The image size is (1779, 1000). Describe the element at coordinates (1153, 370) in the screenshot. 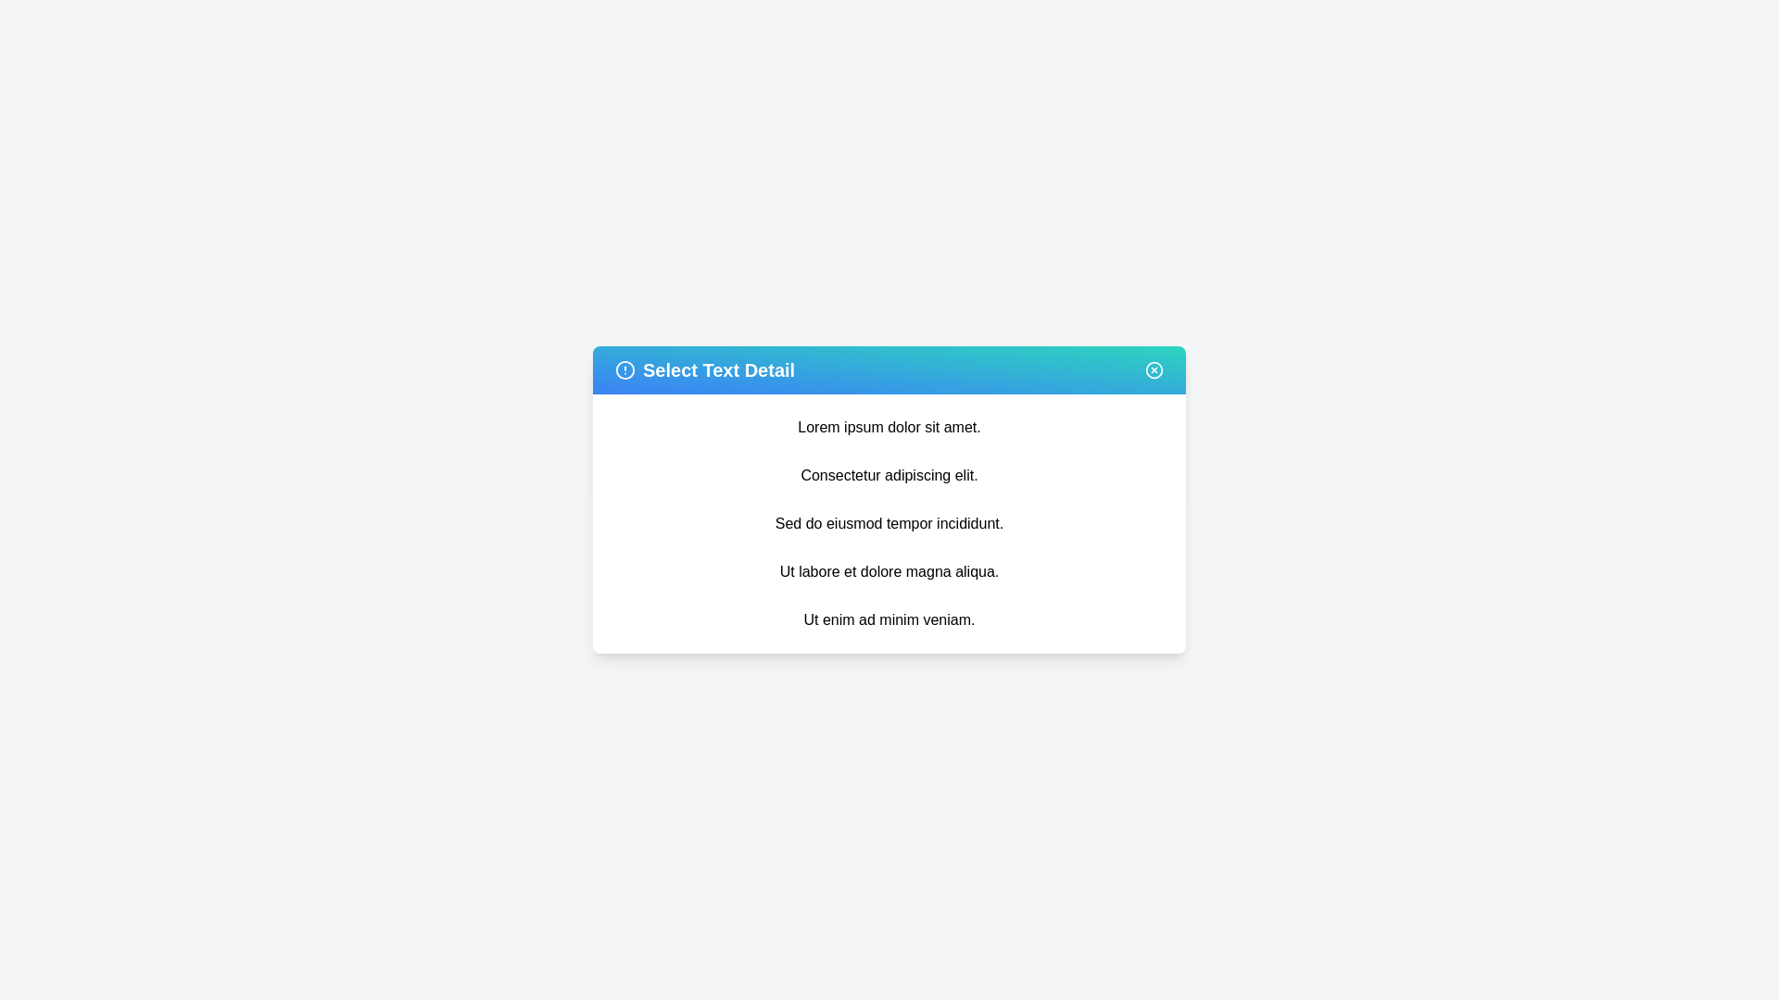

I see `the close button to dismiss the dialog` at that location.